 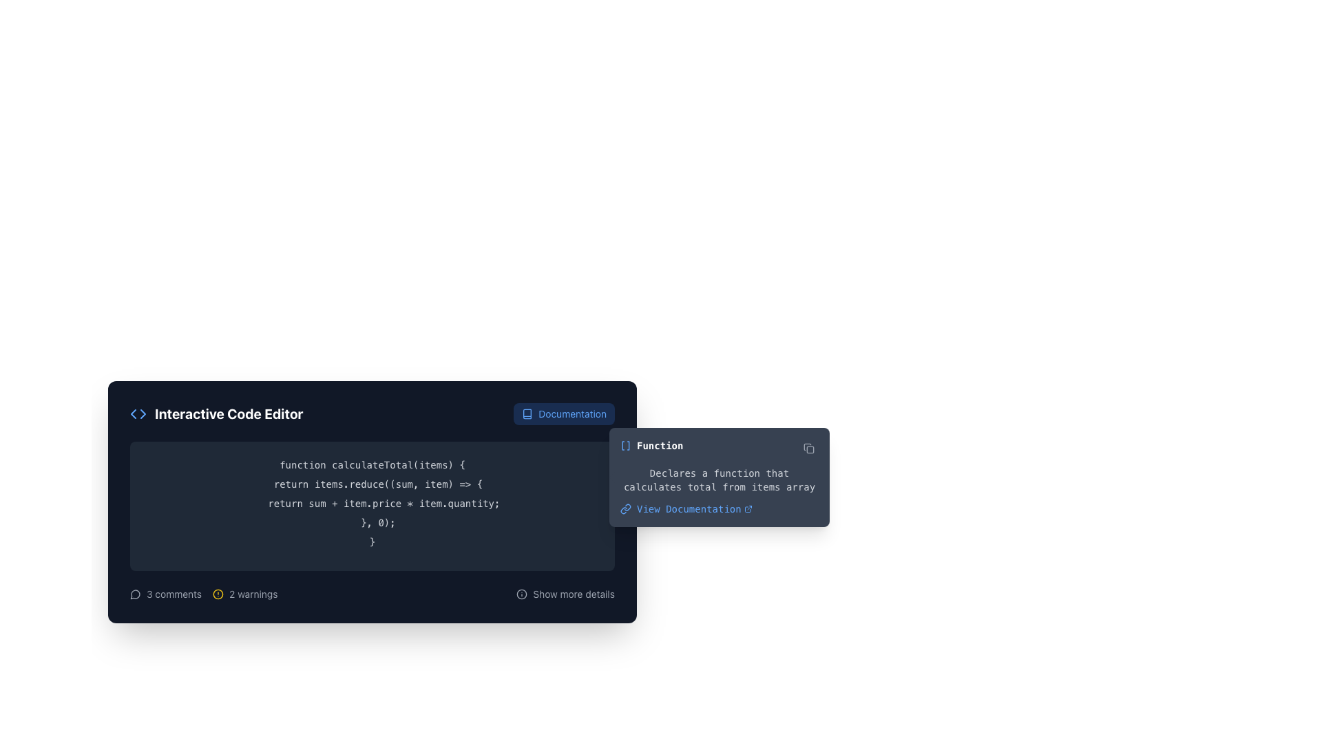 What do you see at coordinates (373, 464) in the screenshot?
I see `on the text displaying the function declaration 'function calculateTotal(items) {' in the code editor` at bounding box center [373, 464].